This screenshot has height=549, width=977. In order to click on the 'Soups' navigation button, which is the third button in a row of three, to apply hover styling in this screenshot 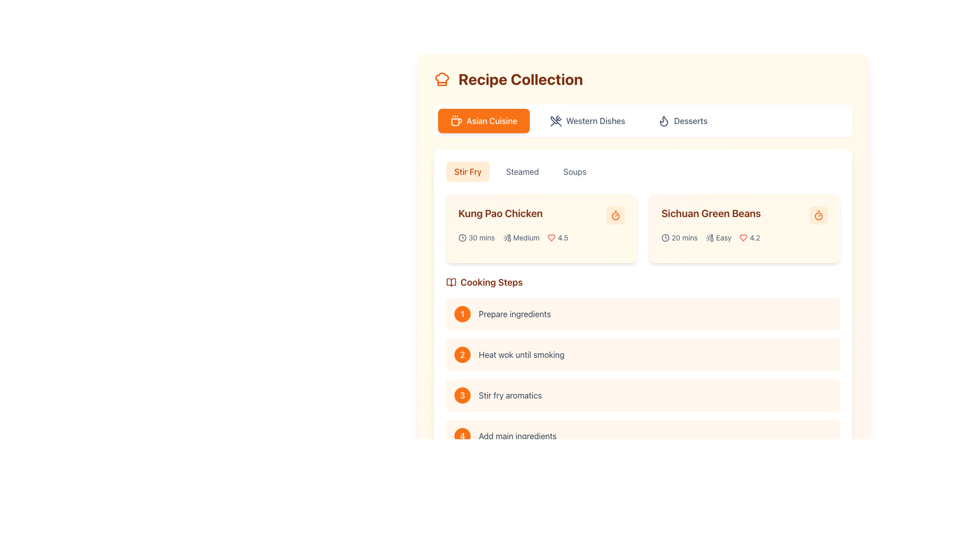, I will do `click(574, 171)`.